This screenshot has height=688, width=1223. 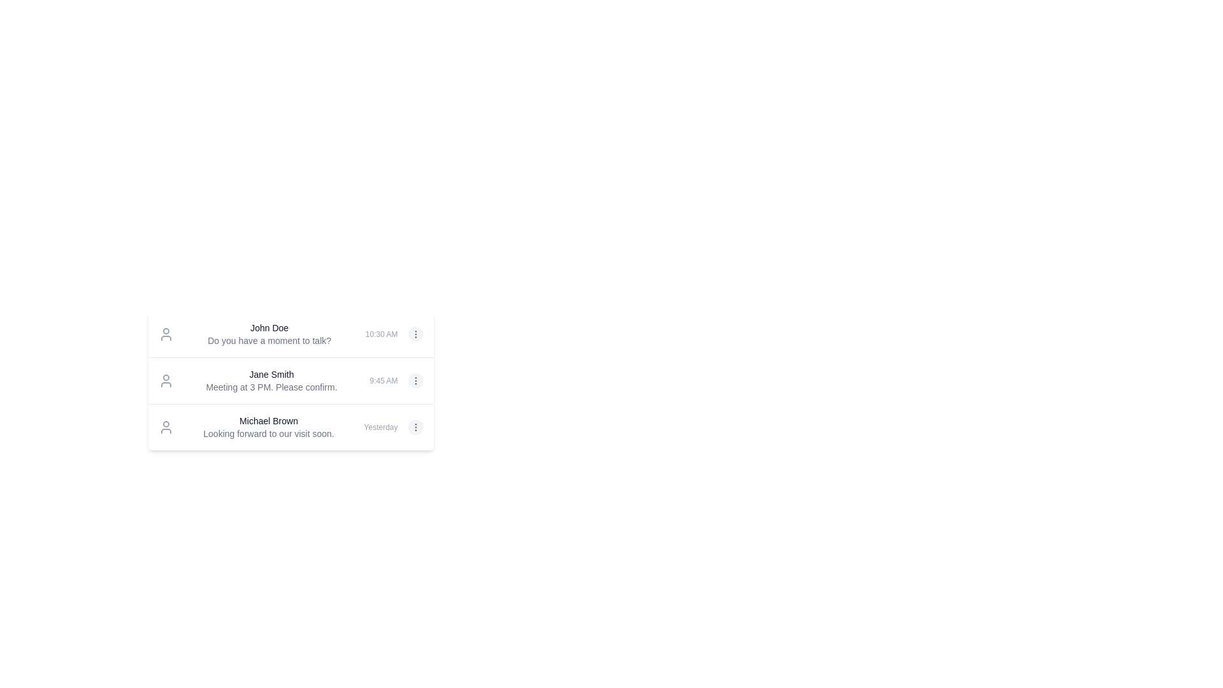 I want to click on the text element that serves as a message preview, located directly below 'Jane Smith' in the list-style layout, so click(x=271, y=387).